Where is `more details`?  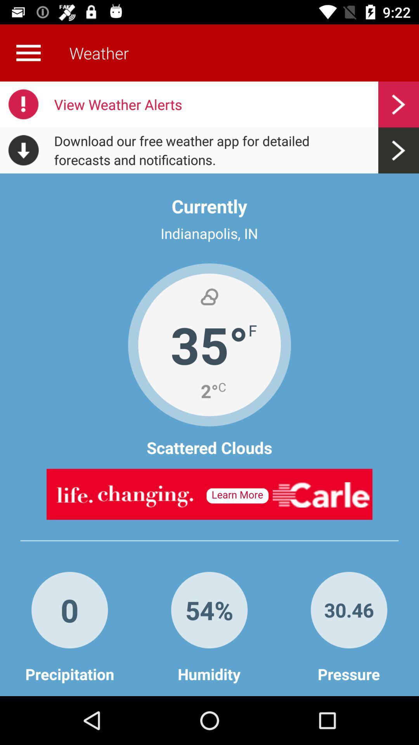
more details is located at coordinates (28, 52).